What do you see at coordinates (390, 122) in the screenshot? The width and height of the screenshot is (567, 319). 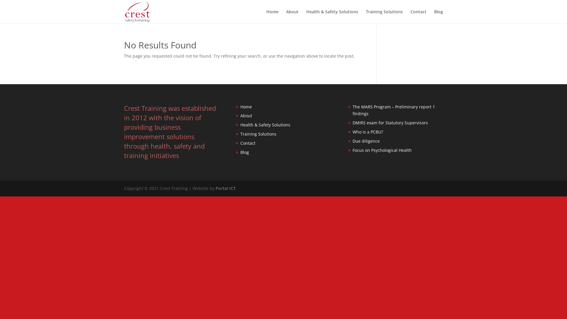 I see `'DMIRS exam for Statutory Supervisors'` at bounding box center [390, 122].